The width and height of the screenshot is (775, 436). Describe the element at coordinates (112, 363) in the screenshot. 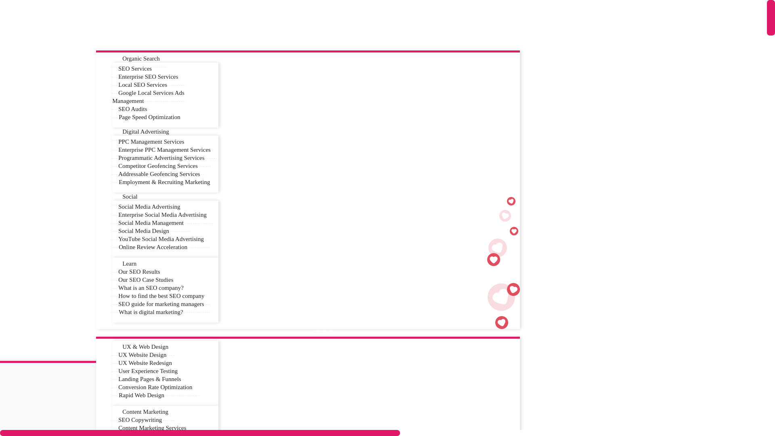

I see `'UX Website Redesign'` at that location.